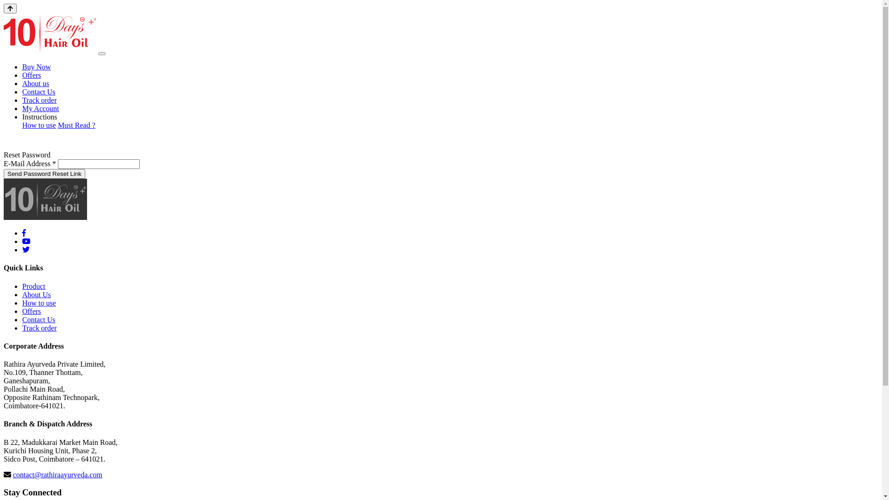 This screenshot has width=889, height=500. Describe the element at coordinates (36, 294) in the screenshot. I see `'About Us'` at that location.